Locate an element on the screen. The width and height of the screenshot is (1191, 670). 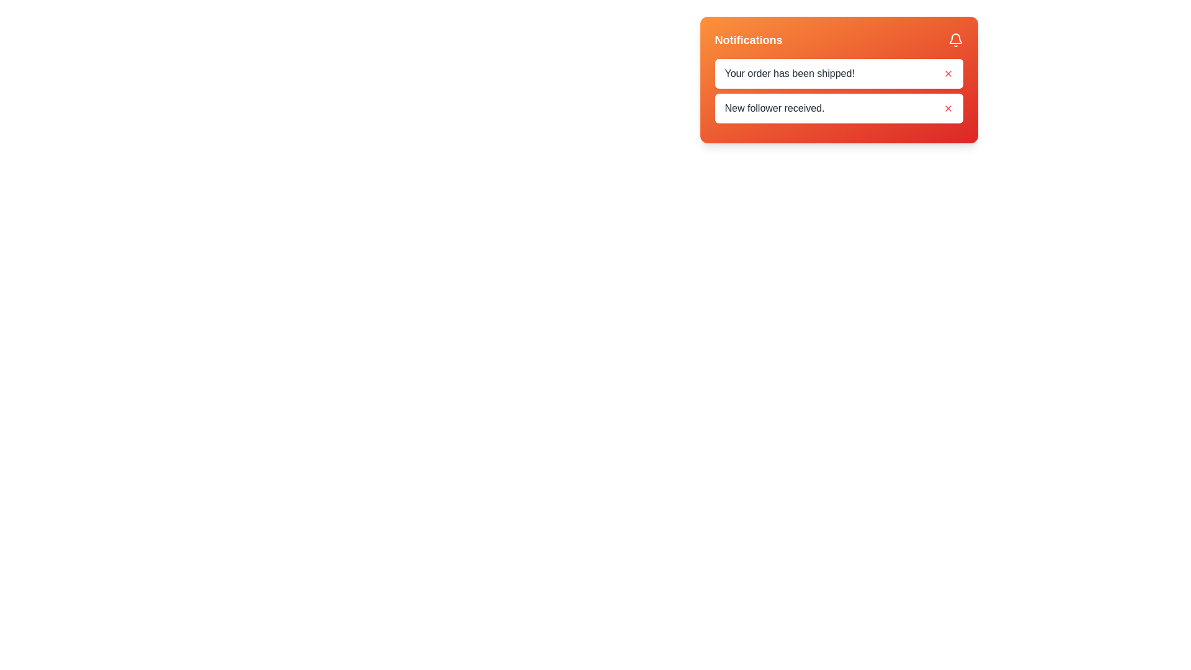
the graphical representation within the SVG that indicates the notifications section, located in the top-right corner of the notifications panel is located at coordinates (955, 38).